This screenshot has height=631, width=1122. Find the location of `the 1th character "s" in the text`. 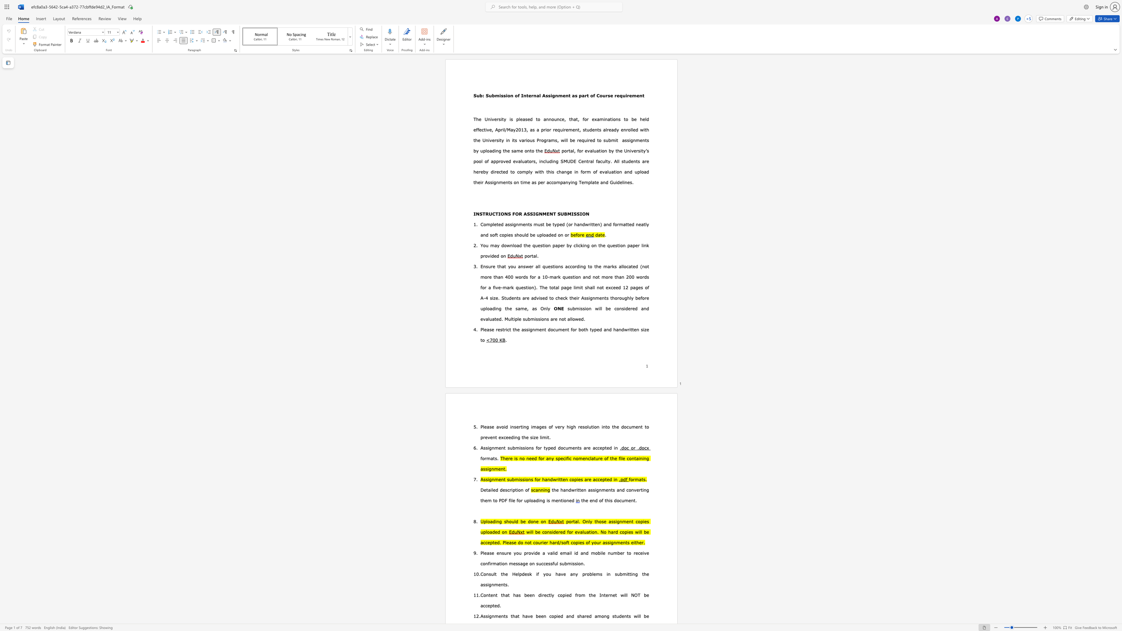

the 1th character "s" in the text is located at coordinates (502, 95).